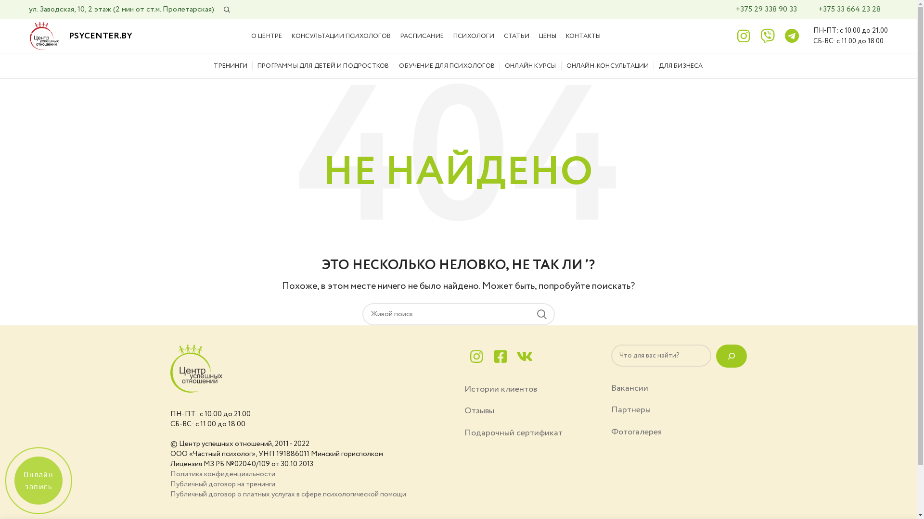 The width and height of the screenshot is (924, 519). I want to click on 'instagram', so click(736, 35).